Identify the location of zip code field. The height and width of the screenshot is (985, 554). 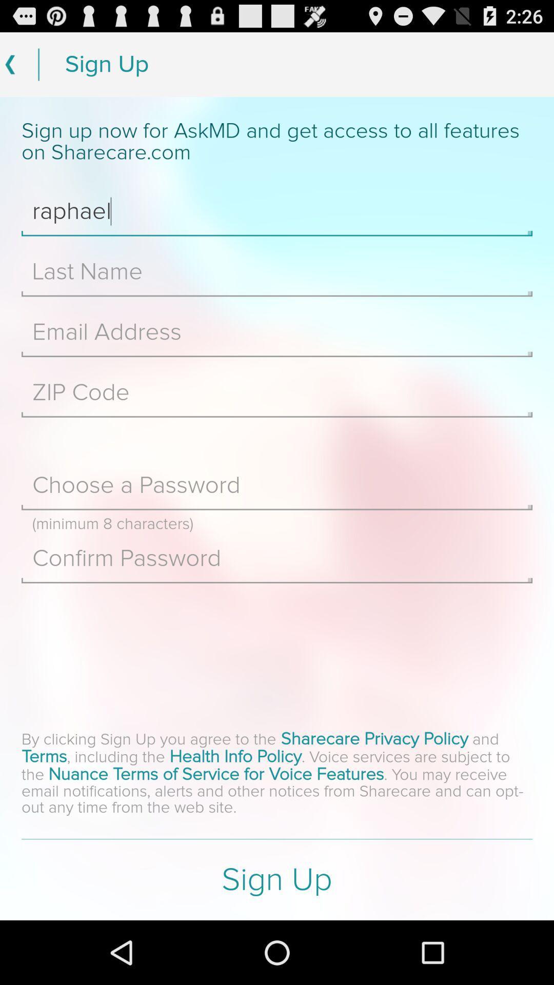
(277, 392).